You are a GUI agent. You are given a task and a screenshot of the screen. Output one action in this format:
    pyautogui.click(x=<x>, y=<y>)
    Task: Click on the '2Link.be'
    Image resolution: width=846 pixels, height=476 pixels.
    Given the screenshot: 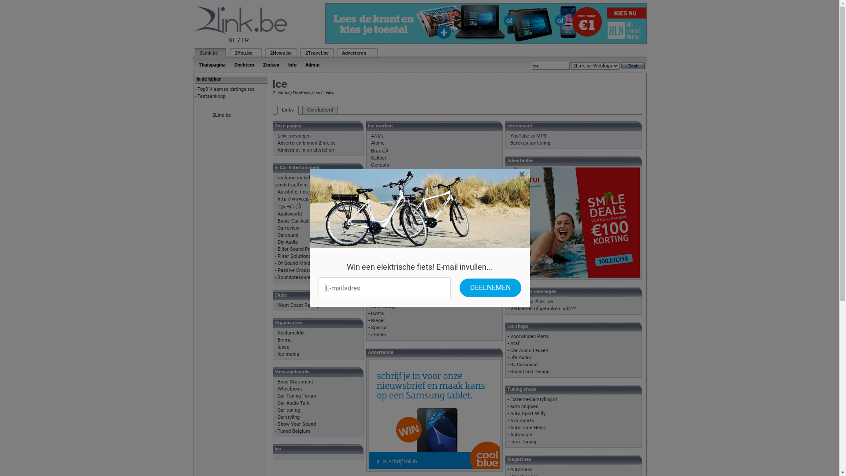 What is the action you would take?
    pyautogui.click(x=208, y=53)
    